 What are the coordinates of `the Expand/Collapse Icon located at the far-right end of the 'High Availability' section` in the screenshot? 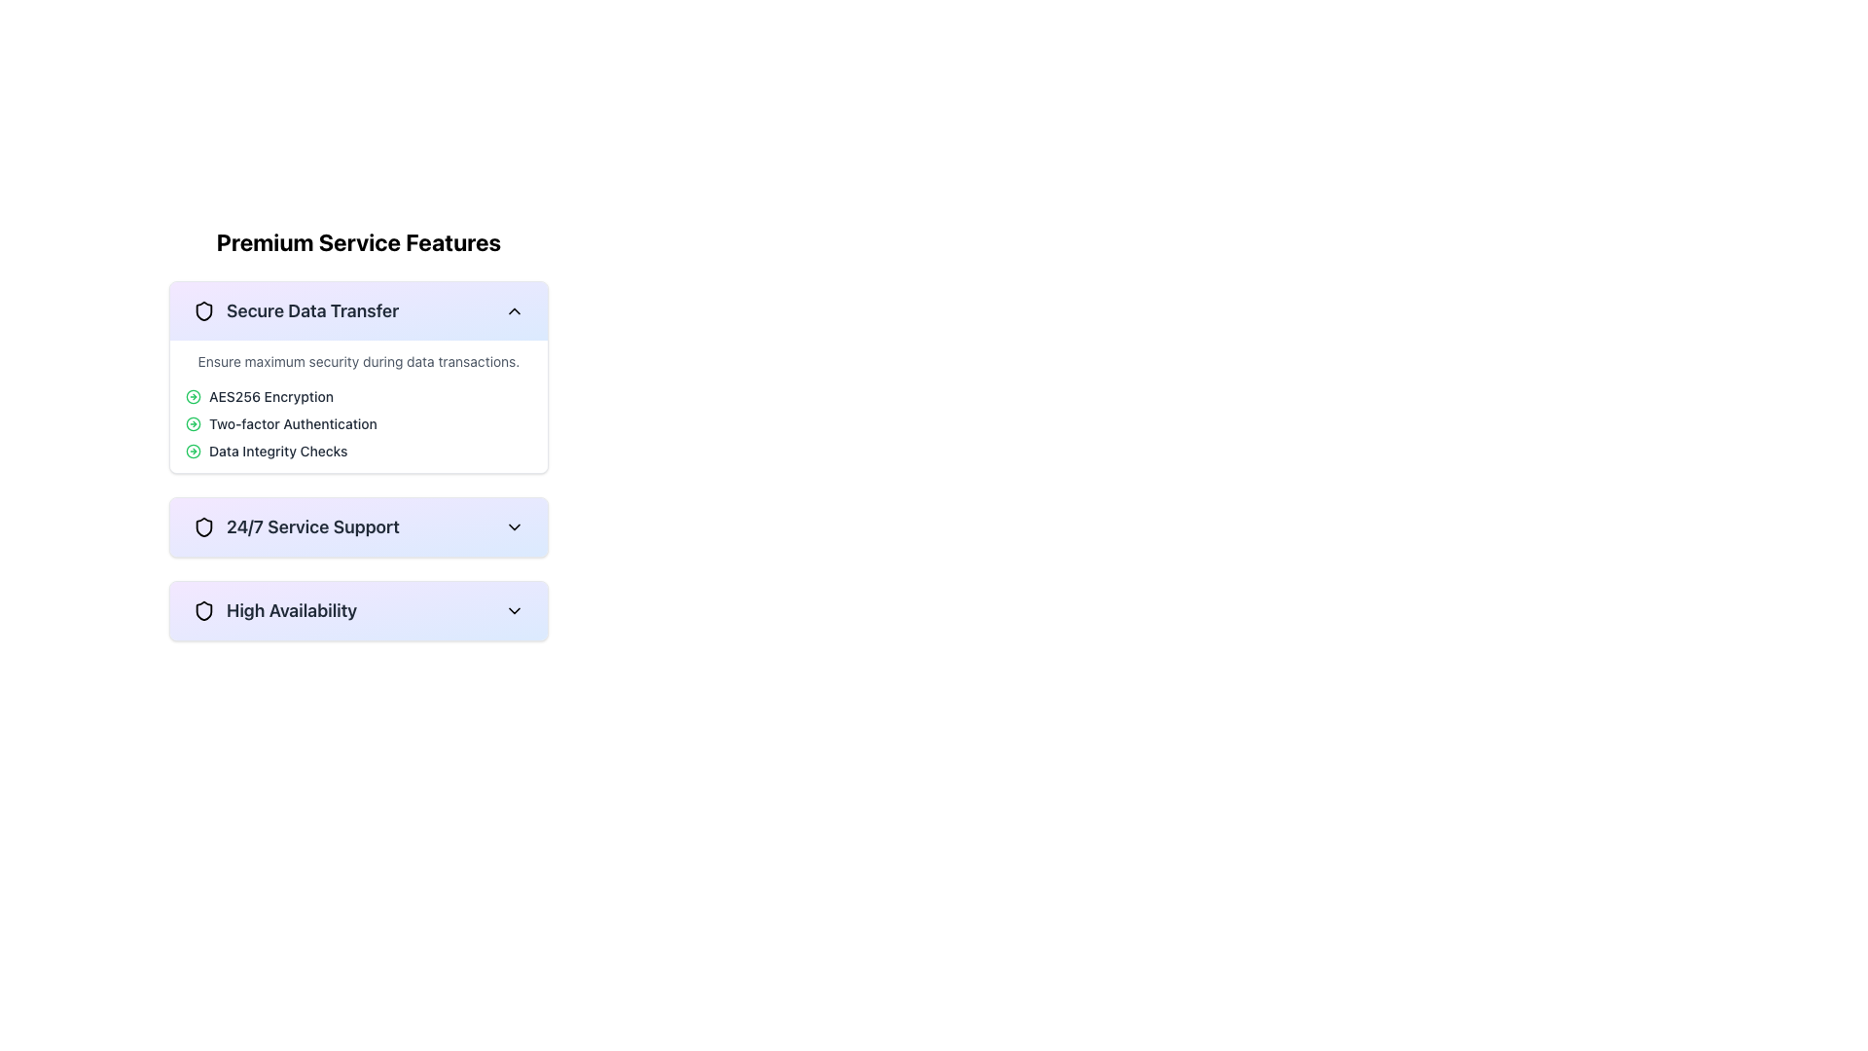 It's located at (514, 610).